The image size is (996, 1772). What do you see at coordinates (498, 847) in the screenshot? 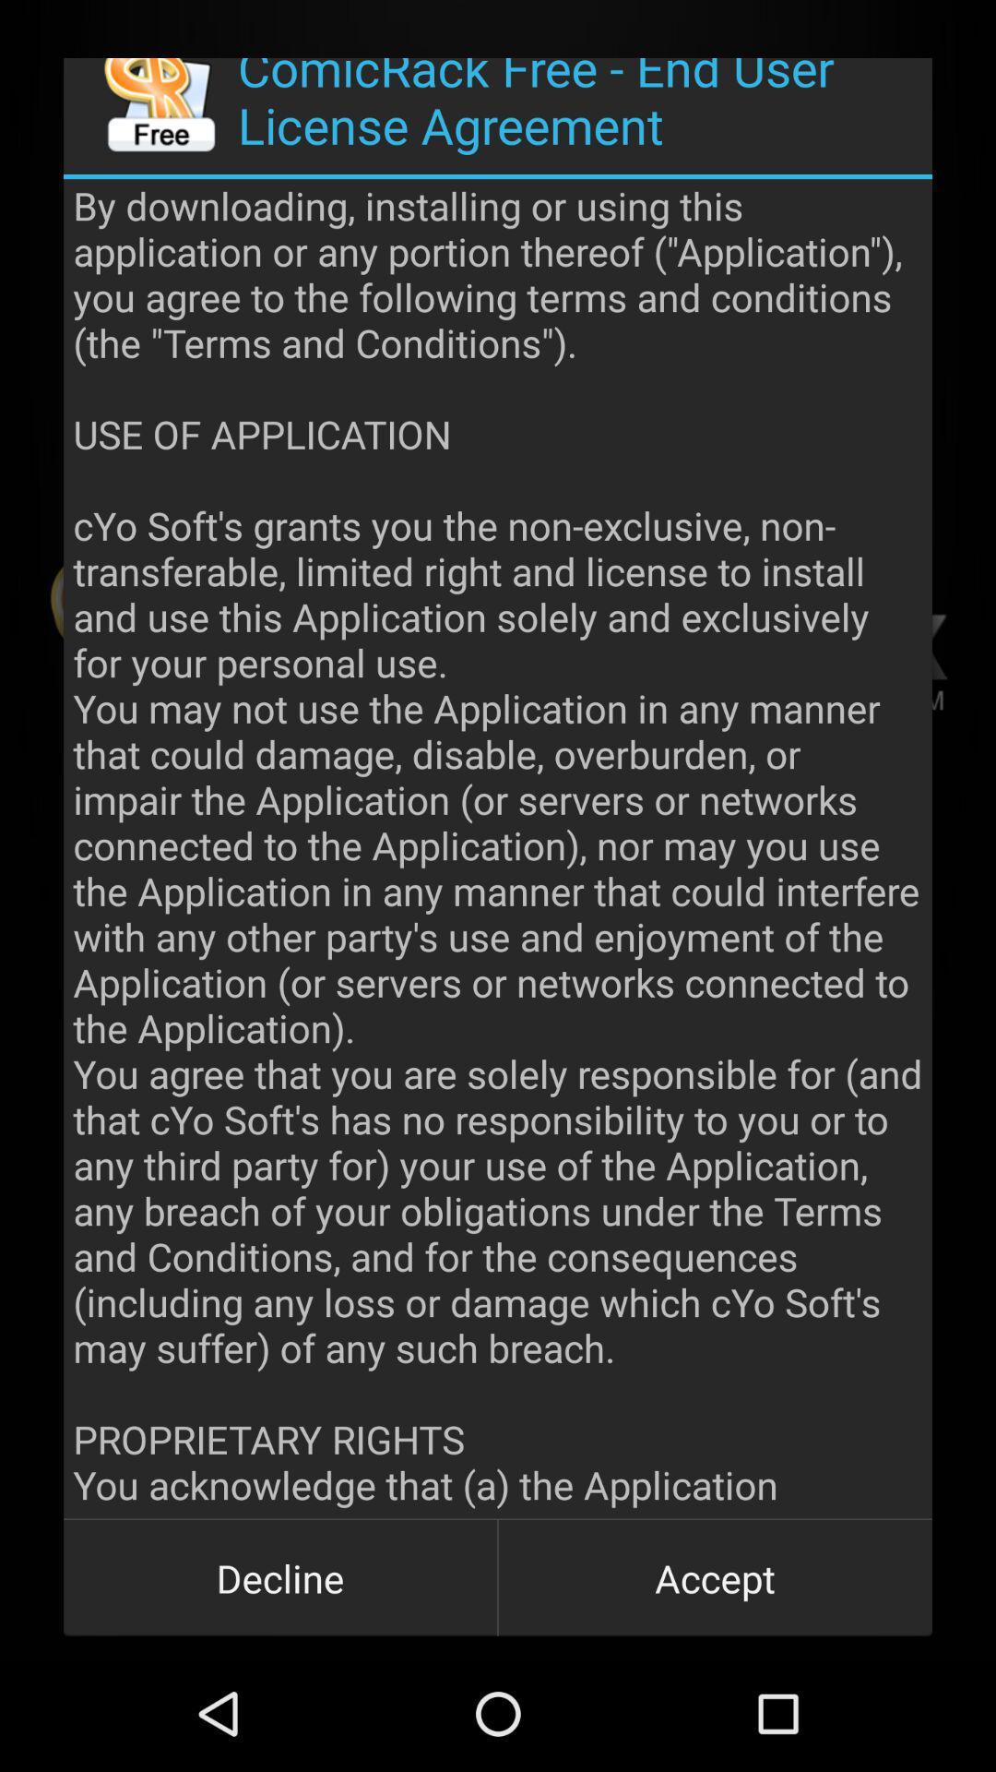
I see `the icon above the decline button` at bounding box center [498, 847].